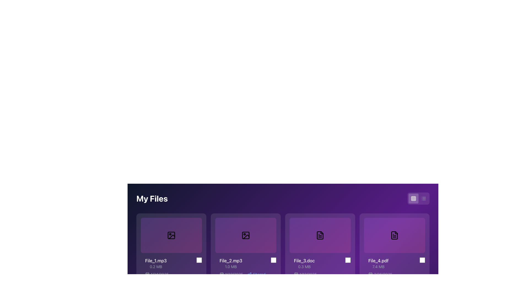 Image resolution: width=529 pixels, height=297 pixels. I want to click on the icon resembling a text document with horizontal lines, located in the fourth item (File_4.pdf) of the file list, so click(394, 235).